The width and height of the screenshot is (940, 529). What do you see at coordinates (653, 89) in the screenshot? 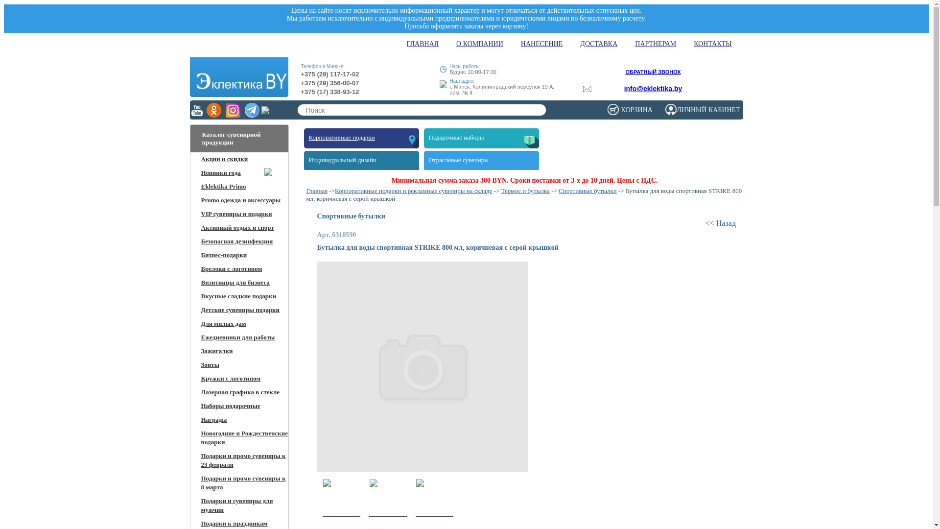
I see `'info@eklektika.by'` at bounding box center [653, 89].